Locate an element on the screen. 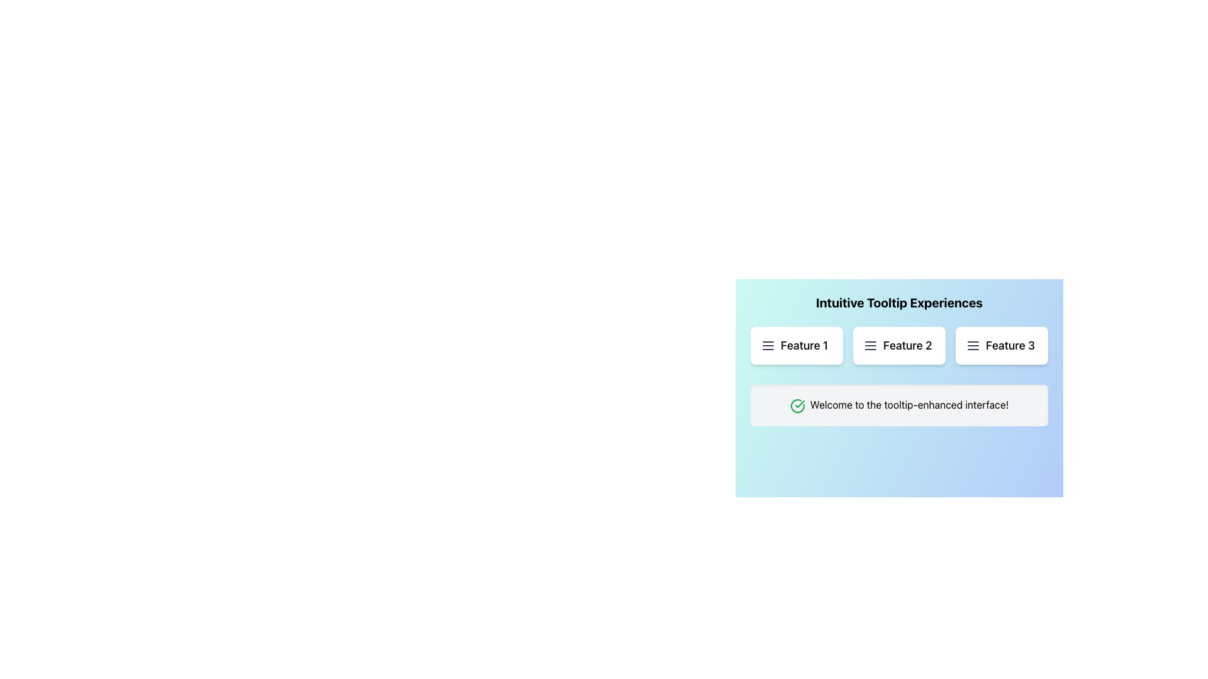 This screenshot has height=679, width=1208. the static message box displaying a welcoming message, positioned beneath the feature row labeled 'Feature 1', 'Feature 2', and 'Feature 3' is located at coordinates (898, 405).